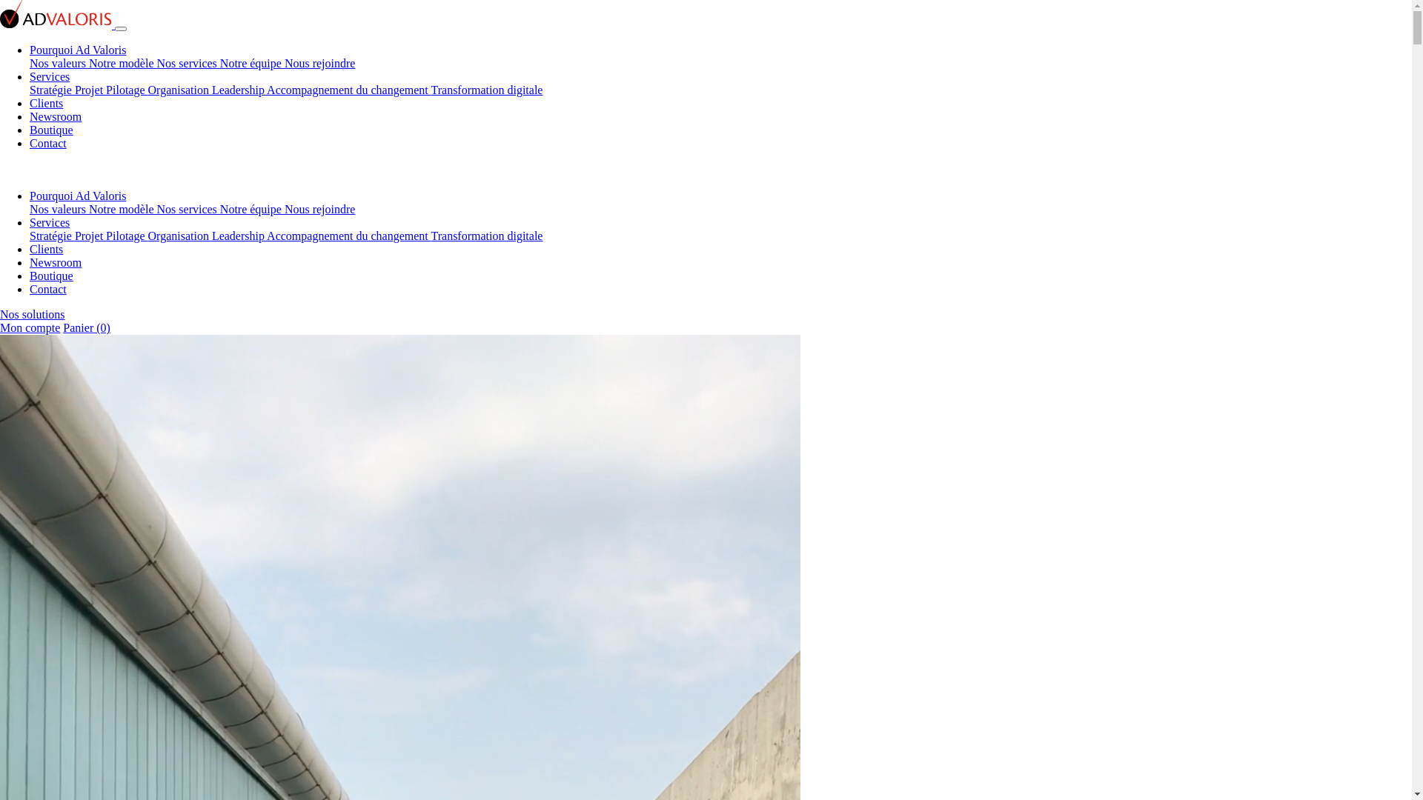 The image size is (1423, 800). Describe the element at coordinates (348, 235) in the screenshot. I see `'Accompagnement du changement'` at that location.